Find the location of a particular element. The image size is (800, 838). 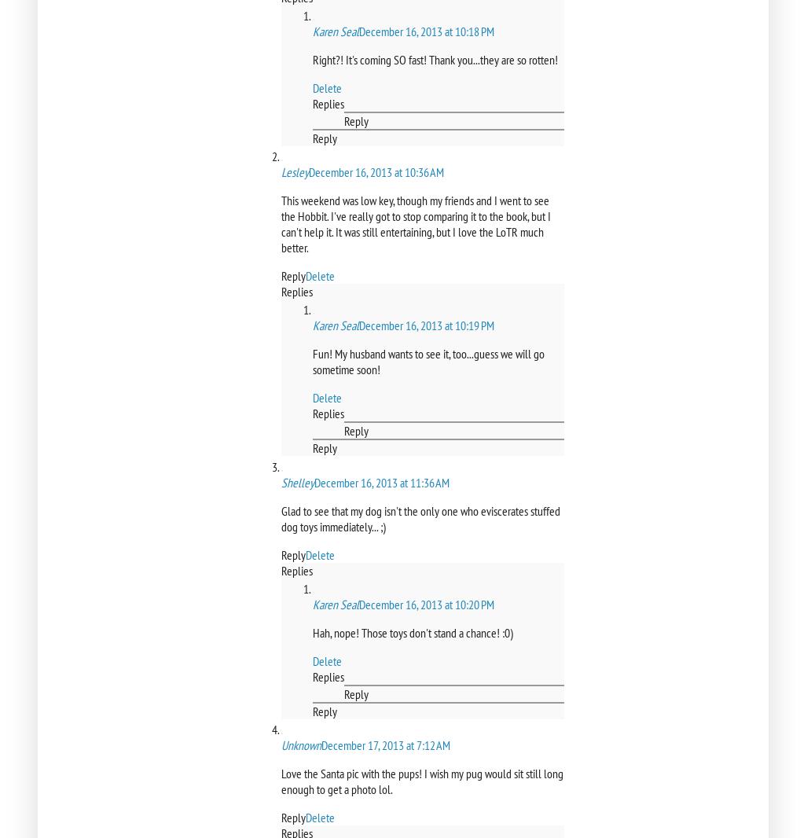

'Right?! It's coming SO fast! Thank you...they are so rotten!' is located at coordinates (434, 58).